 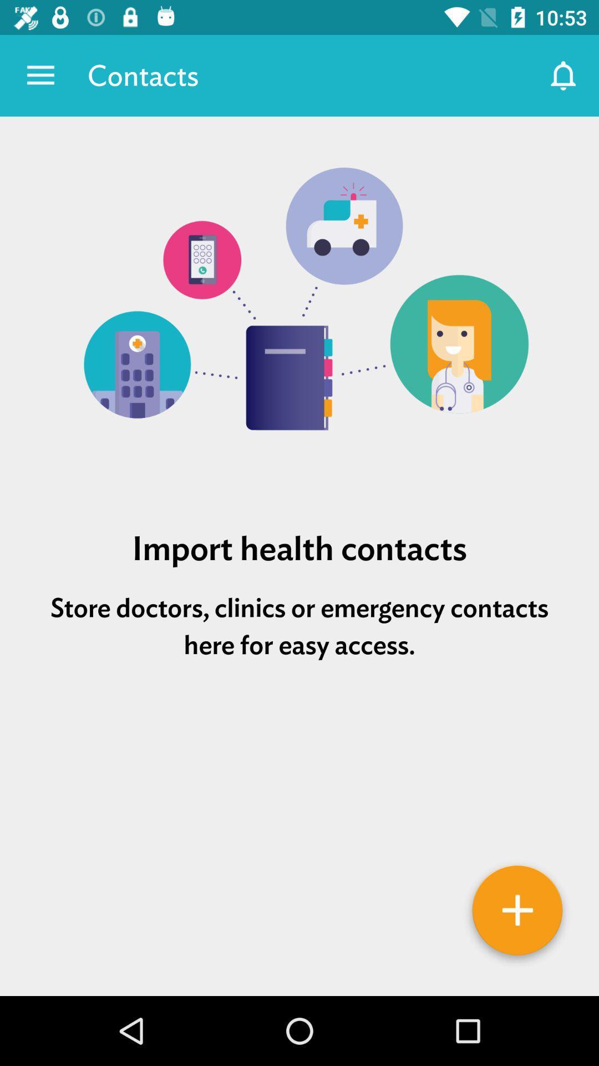 What do you see at coordinates (299, 728) in the screenshot?
I see `the icon below the store doctors clinics` at bounding box center [299, 728].